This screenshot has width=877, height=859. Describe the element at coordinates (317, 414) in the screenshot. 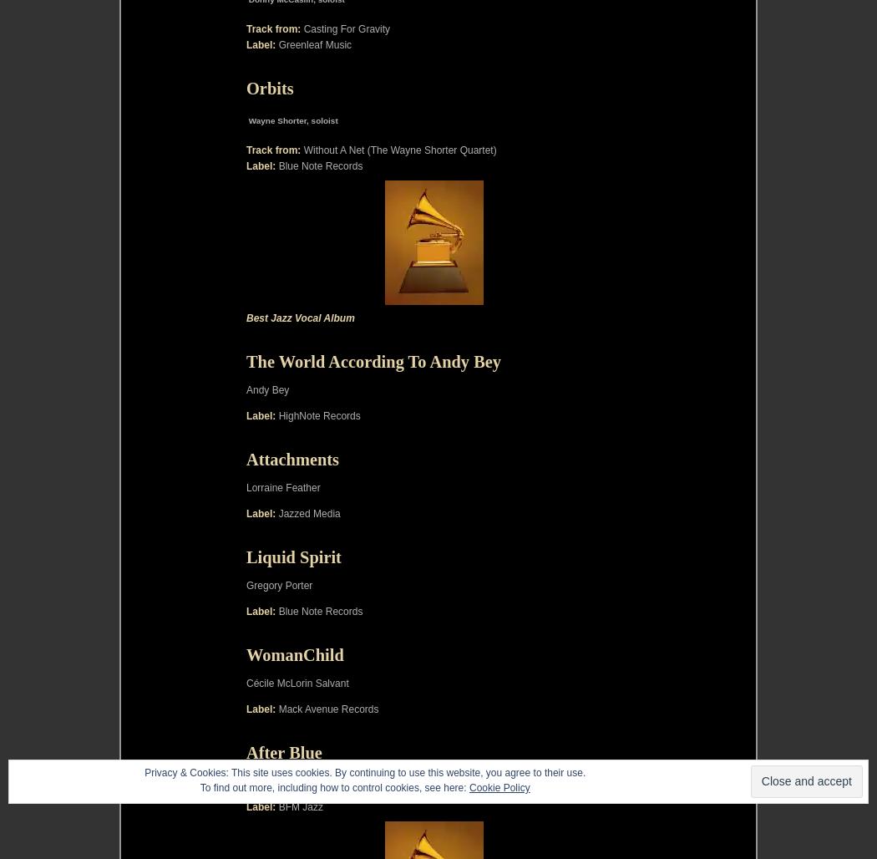

I see `'HighNote Records'` at that location.